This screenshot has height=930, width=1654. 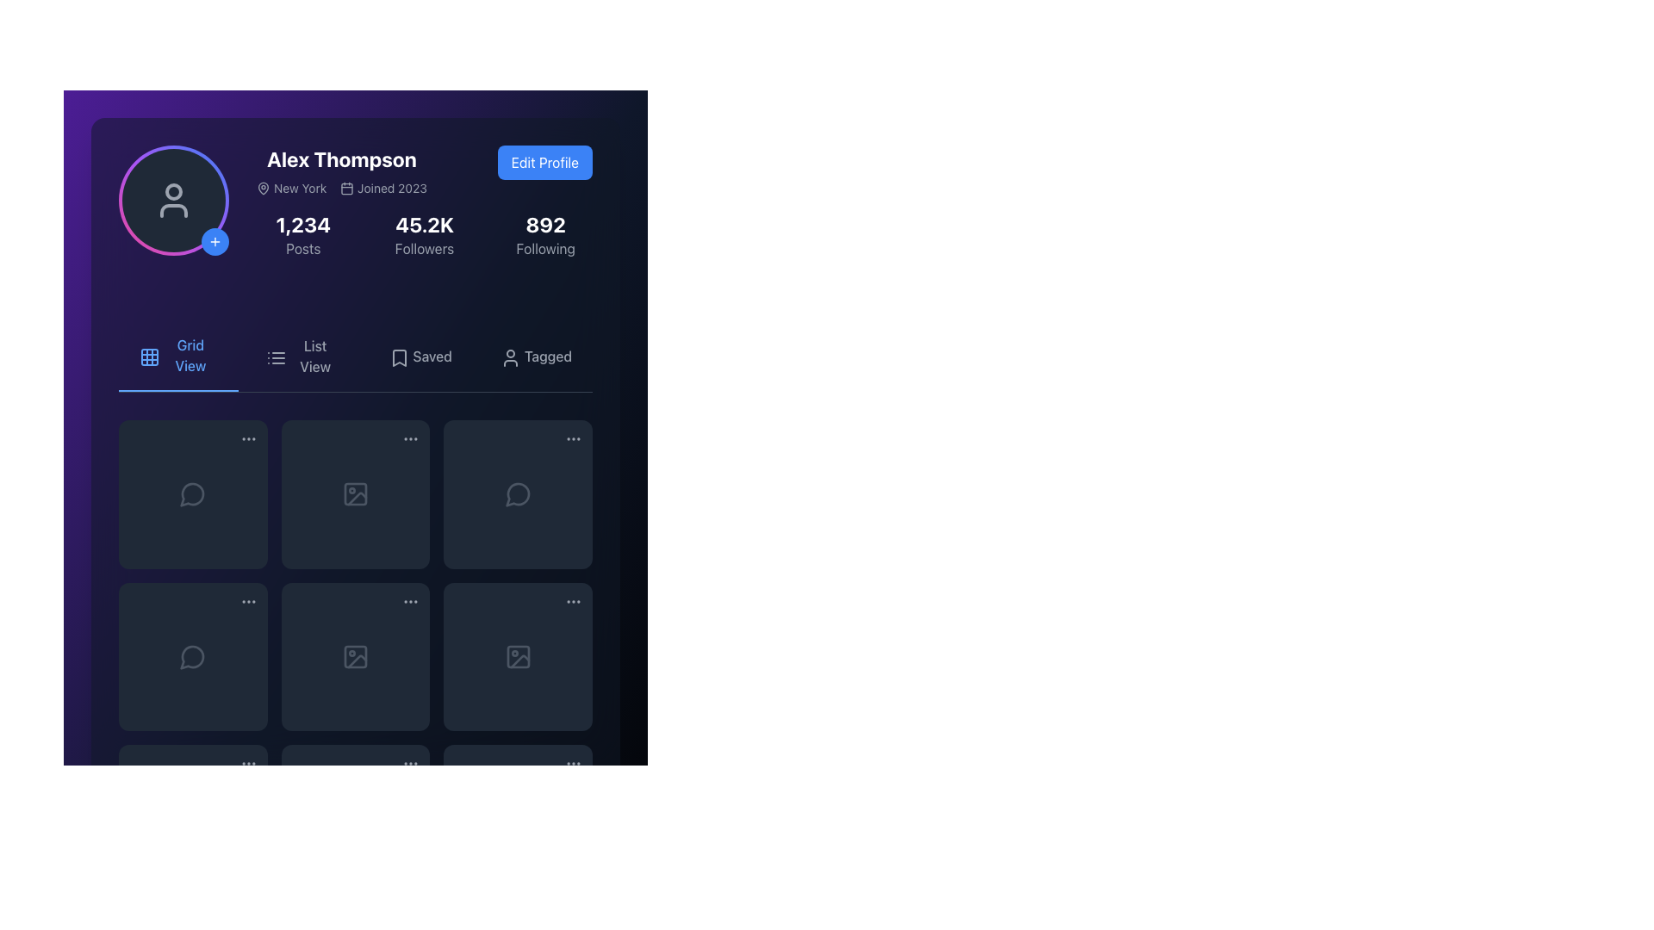 What do you see at coordinates (574, 600) in the screenshot?
I see `the circular button with three horizontally aligned dots in the bottom-right corner of the grid` at bounding box center [574, 600].